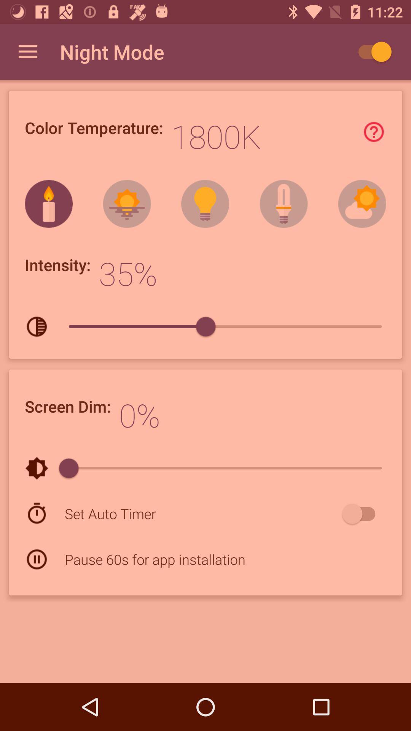 This screenshot has width=411, height=731. I want to click on the fifth button above the text intensity, so click(362, 204).